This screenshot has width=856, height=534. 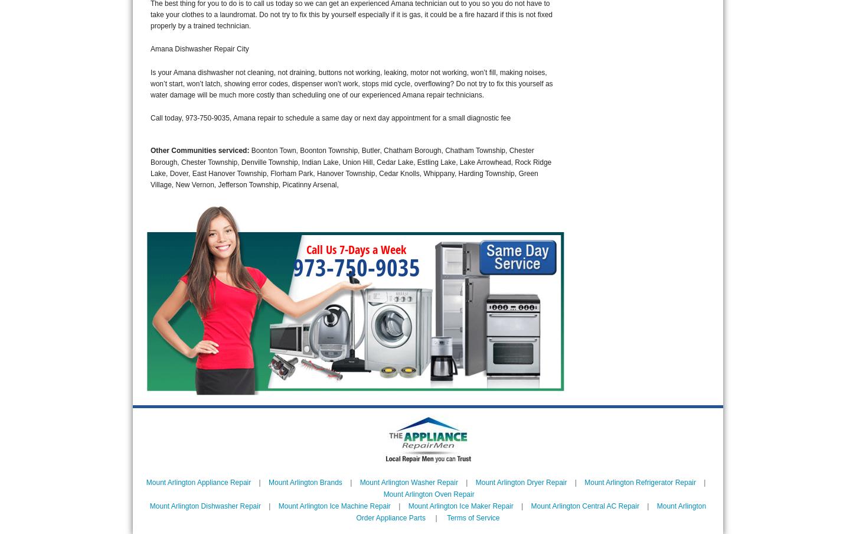 What do you see at coordinates (351, 83) in the screenshot?
I see `'Is your Amana dishwasher not cleaning, not draining, buttons not working, leaking, motor not working, won’t fill, making noises, won’t start, won’t latch, showing error codes, dispenser won’t work, stops mid cycle, overflowing? Do not try to fix this yourself as water damage will be much more costly than scheduling one of our experienced Amana repair technicians.'` at bounding box center [351, 83].